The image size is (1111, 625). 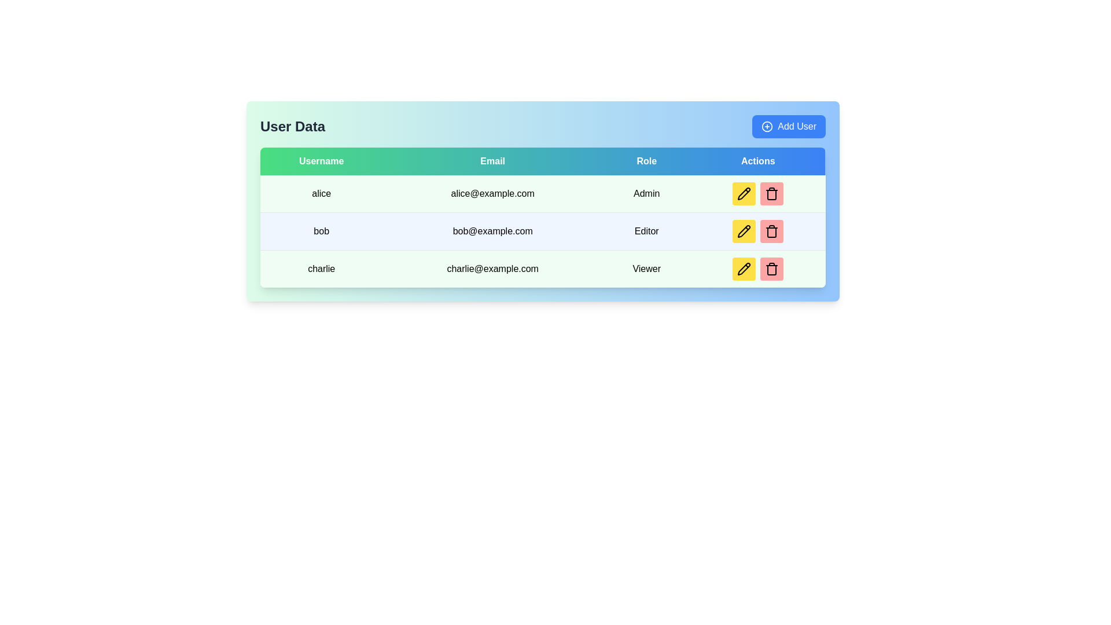 What do you see at coordinates (772, 193) in the screenshot?
I see `the trash bin icon button located in the third row of the Actions column` at bounding box center [772, 193].